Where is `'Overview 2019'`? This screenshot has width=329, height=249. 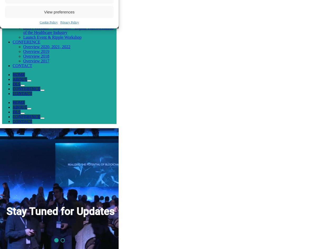
'Overview 2019' is located at coordinates (23, 51).